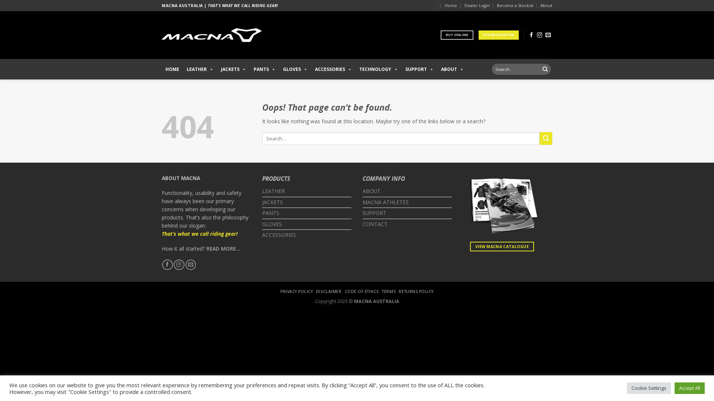 This screenshot has height=401, width=714. What do you see at coordinates (172, 69) in the screenshot?
I see `'HOME'` at bounding box center [172, 69].